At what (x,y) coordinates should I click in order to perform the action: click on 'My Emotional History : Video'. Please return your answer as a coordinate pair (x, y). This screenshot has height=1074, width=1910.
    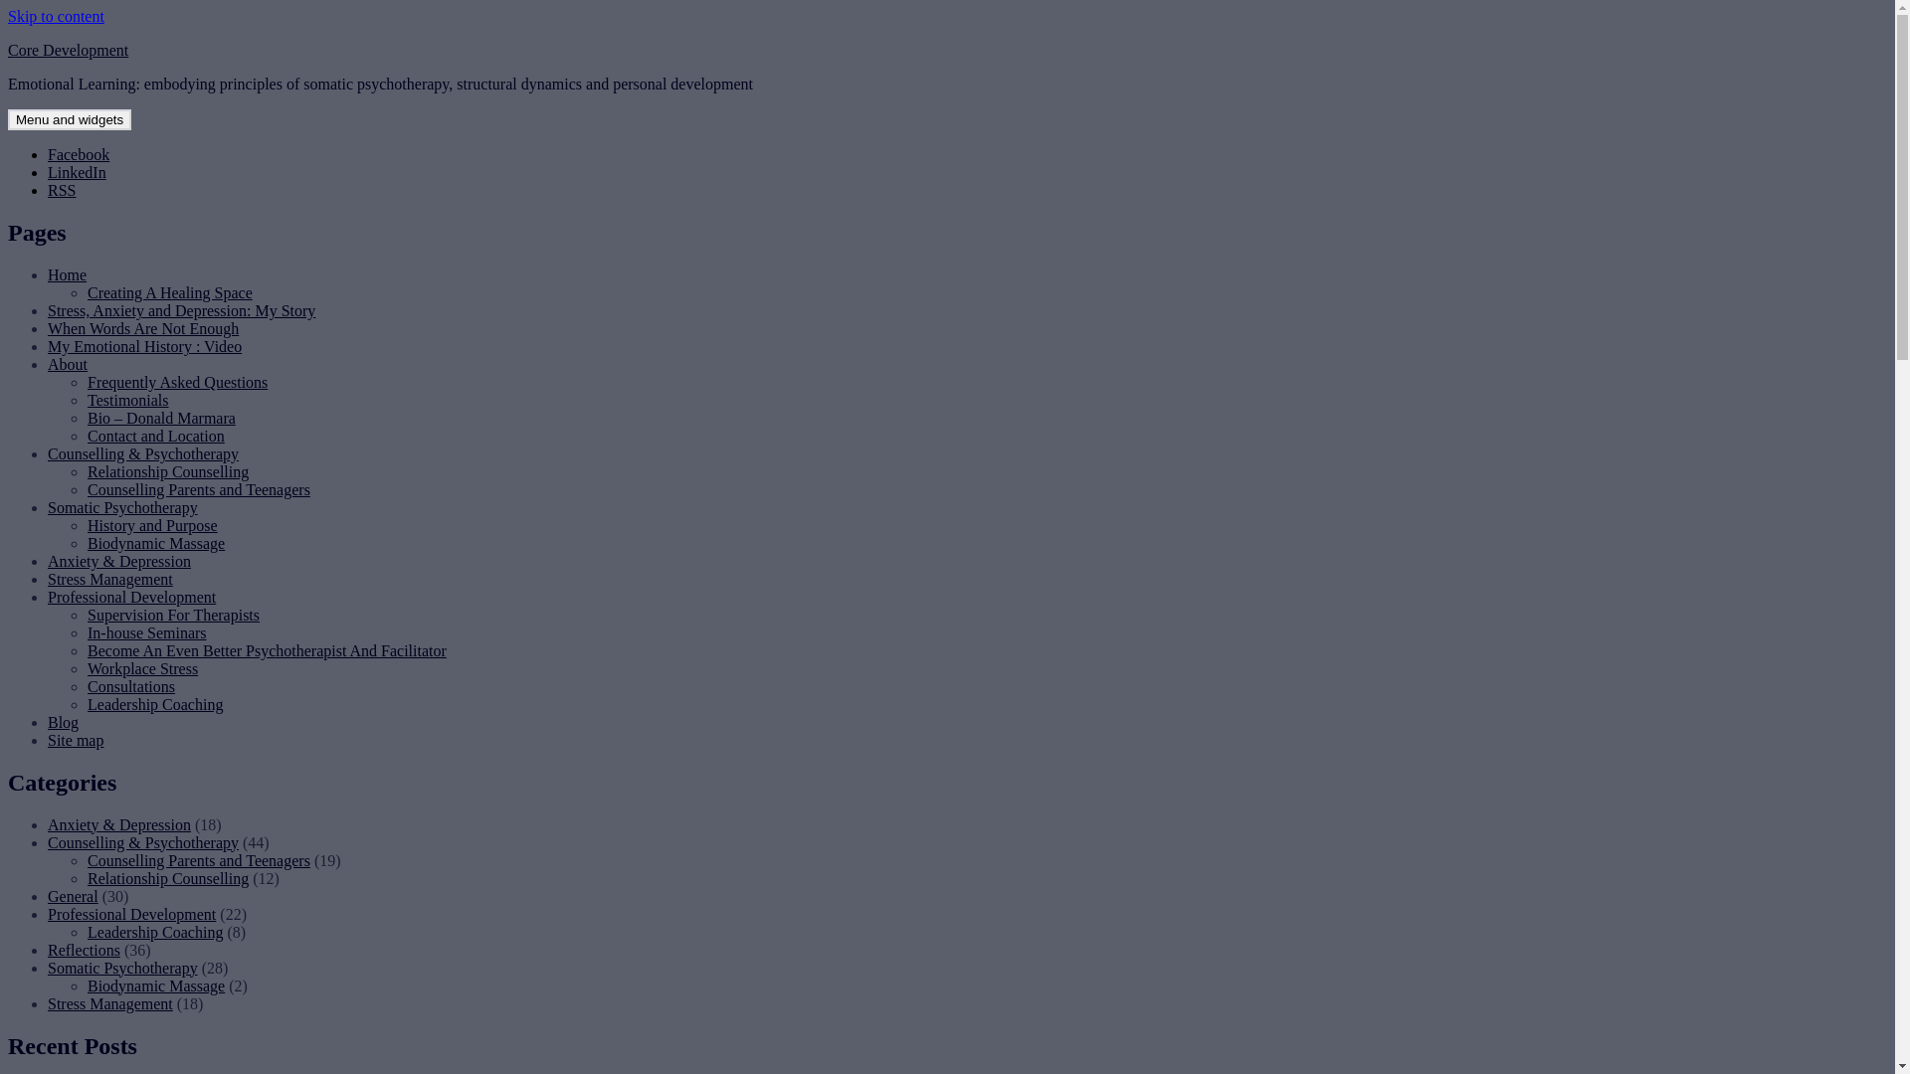
    Looking at the image, I should click on (143, 345).